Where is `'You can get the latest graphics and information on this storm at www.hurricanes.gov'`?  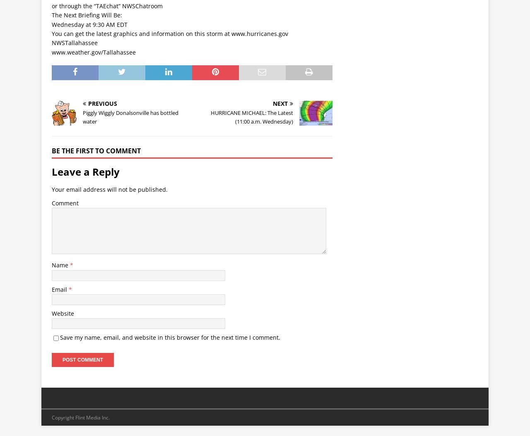 'You can get the latest graphics and information on this storm at www.hurricanes.gov' is located at coordinates (51, 33).